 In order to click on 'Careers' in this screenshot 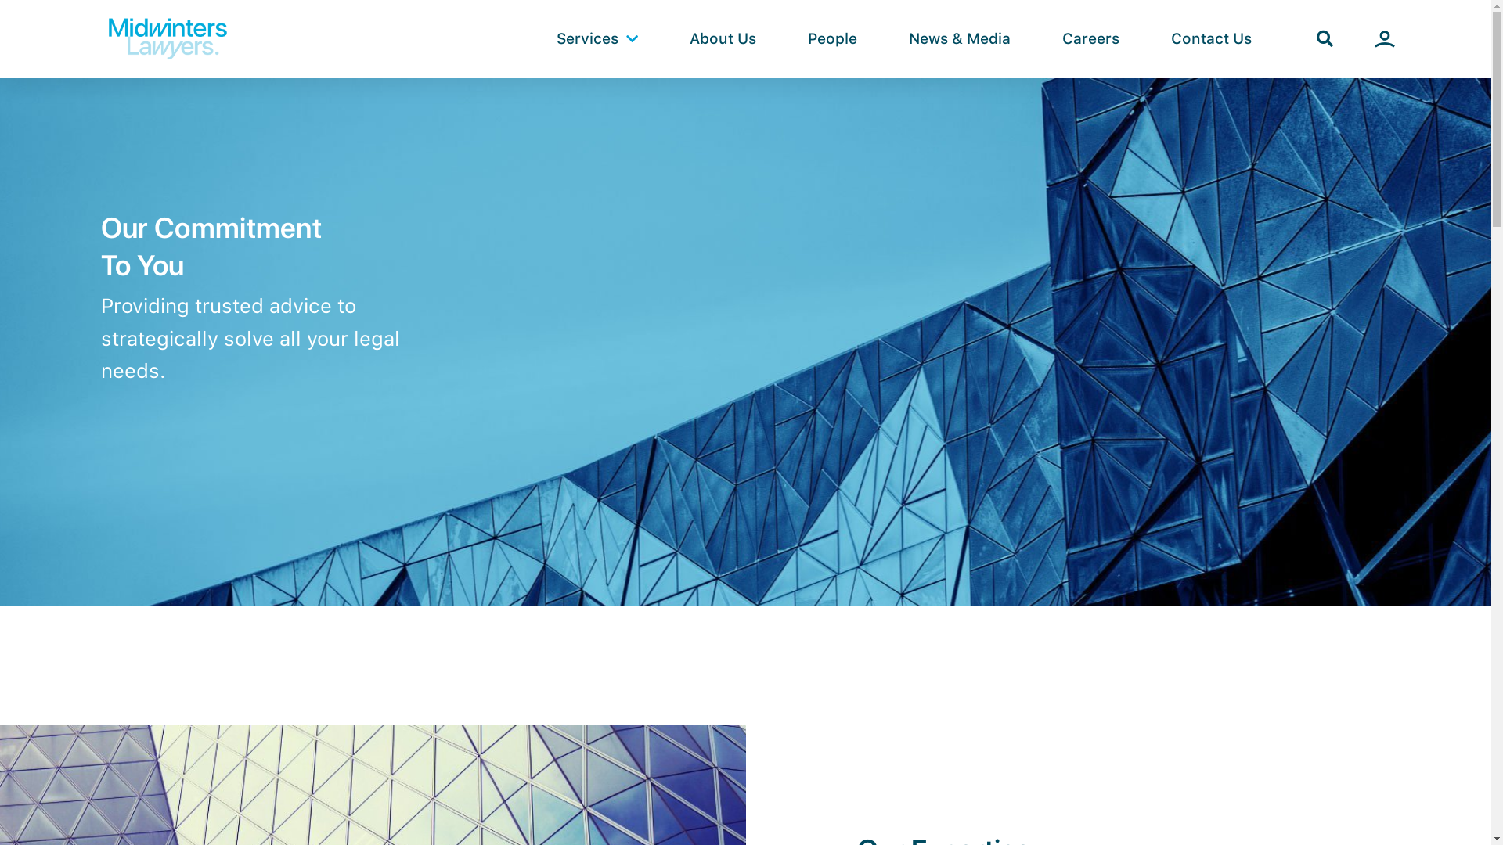, I will do `click(1090, 38)`.